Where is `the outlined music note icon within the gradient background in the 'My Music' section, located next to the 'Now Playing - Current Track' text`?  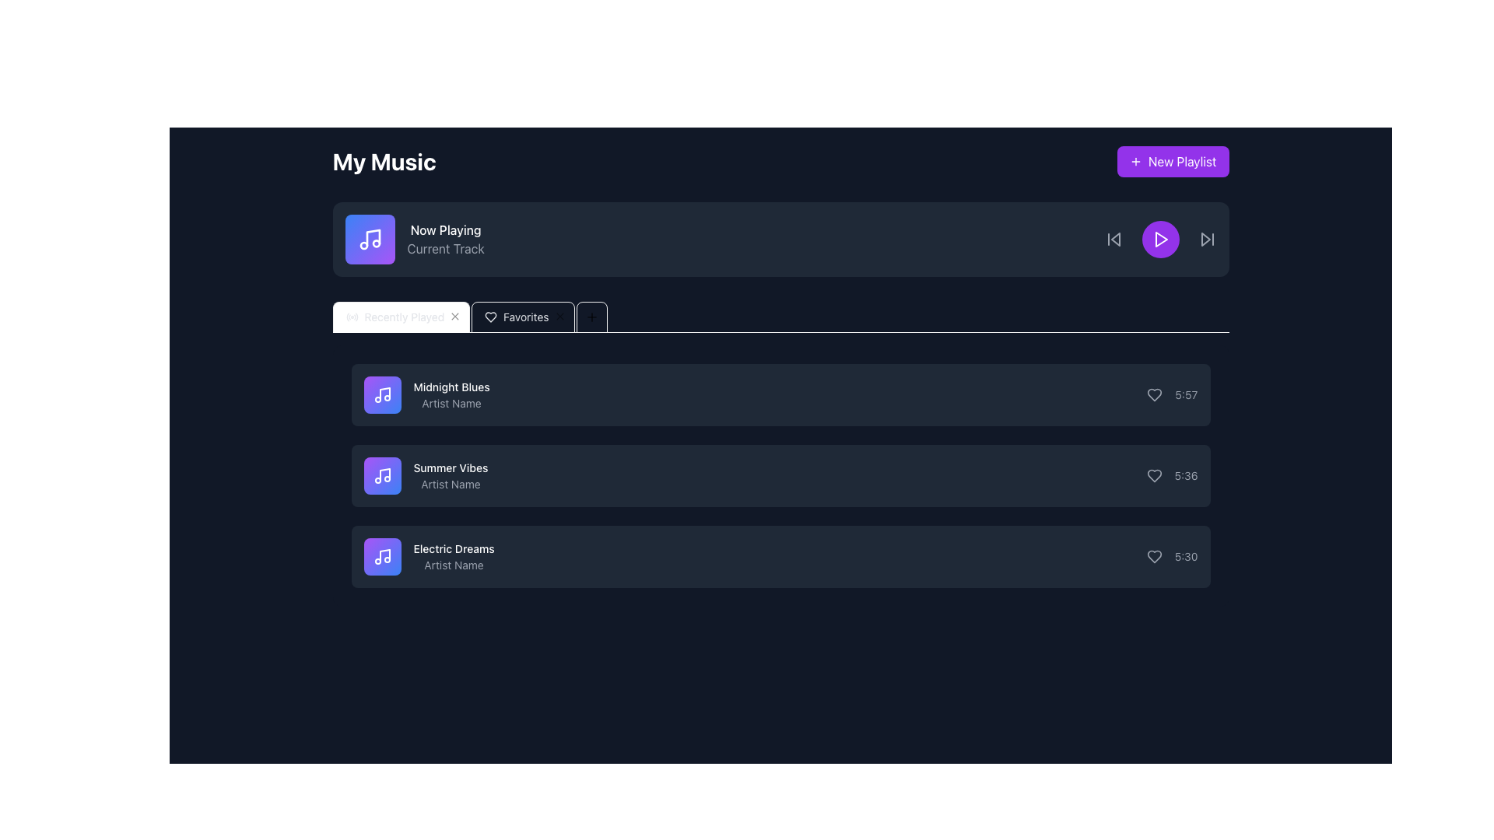 the outlined music note icon within the gradient background in the 'My Music' section, located next to the 'Now Playing - Current Track' text is located at coordinates (369, 240).